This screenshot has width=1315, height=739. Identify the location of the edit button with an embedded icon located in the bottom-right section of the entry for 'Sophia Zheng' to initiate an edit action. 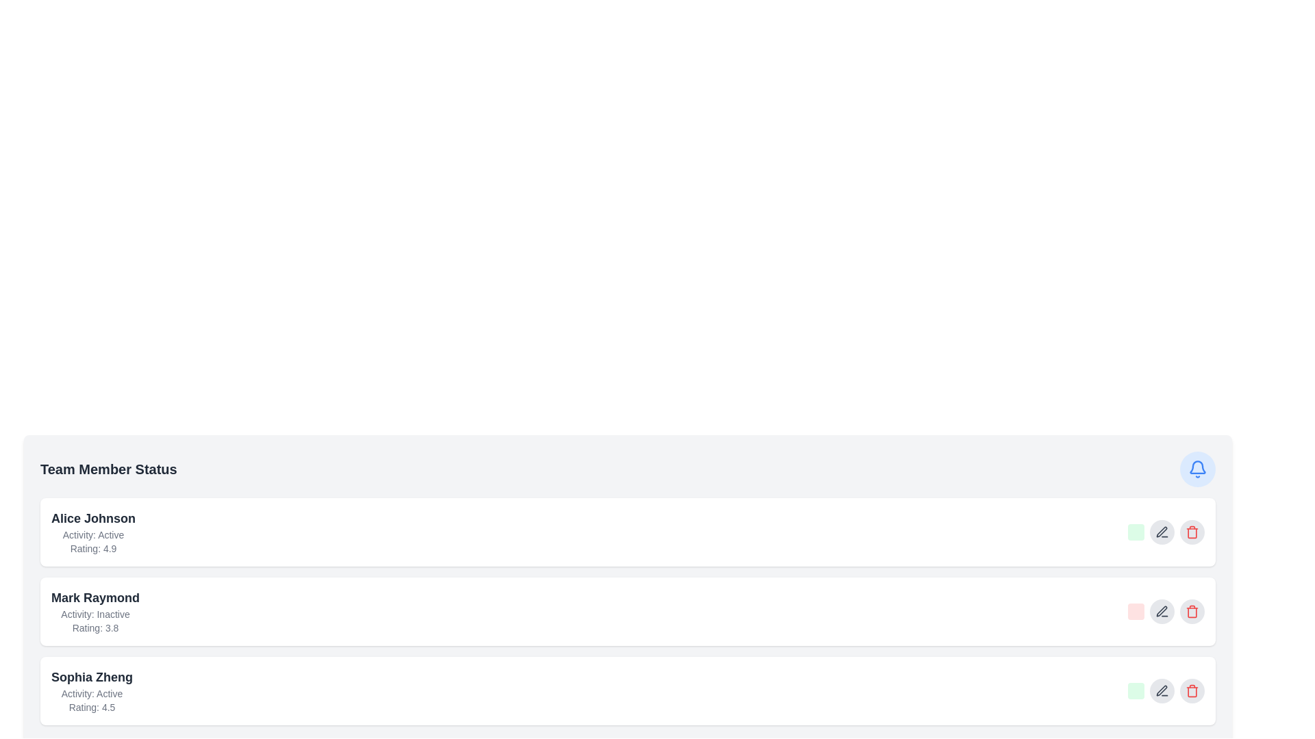
(1166, 691).